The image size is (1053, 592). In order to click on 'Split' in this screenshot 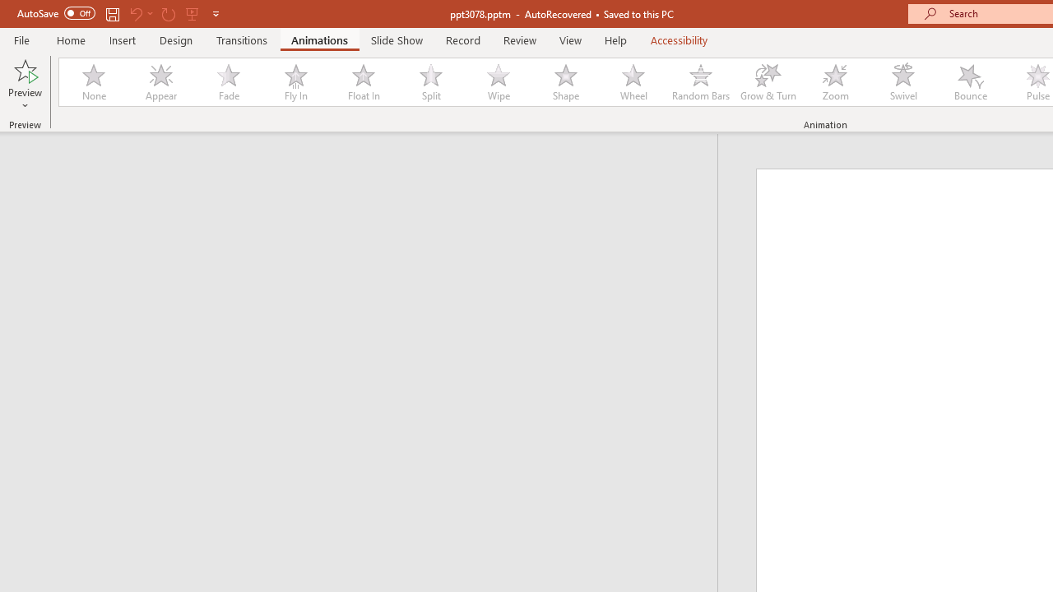, I will do `click(430, 82)`.